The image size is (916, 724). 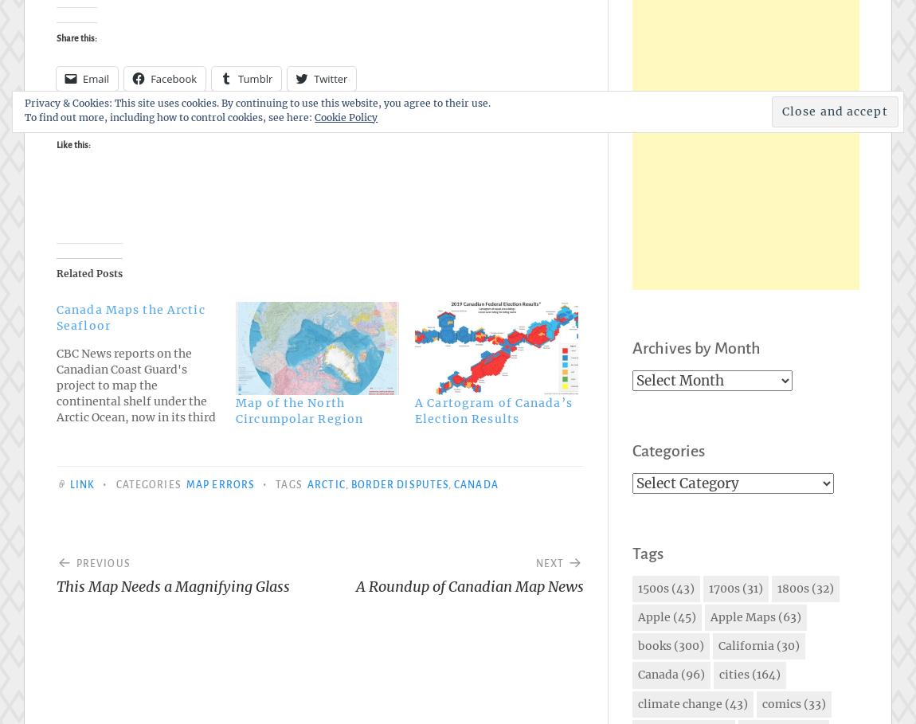 What do you see at coordinates (102, 563) in the screenshot?
I see `'Previous'` at bounding box center [102, 563].